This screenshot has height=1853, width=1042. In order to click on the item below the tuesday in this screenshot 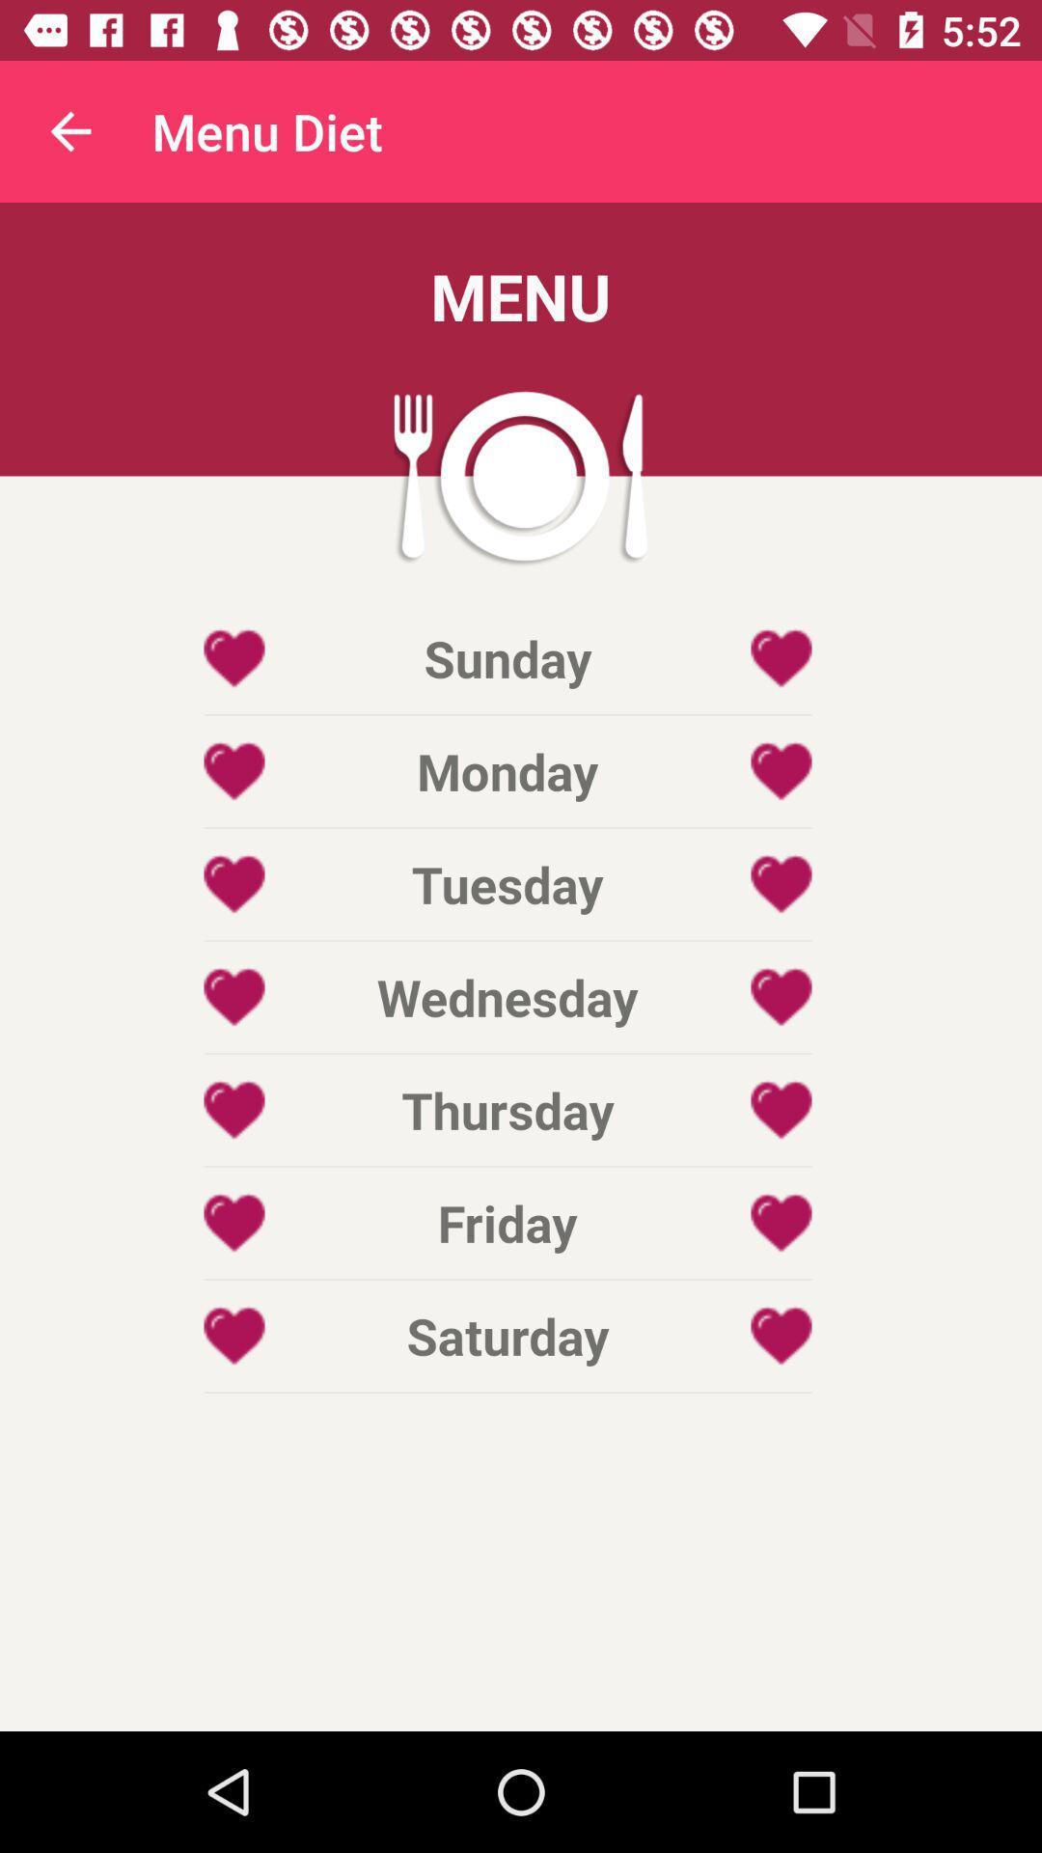, I will do `click(507, 997)`.